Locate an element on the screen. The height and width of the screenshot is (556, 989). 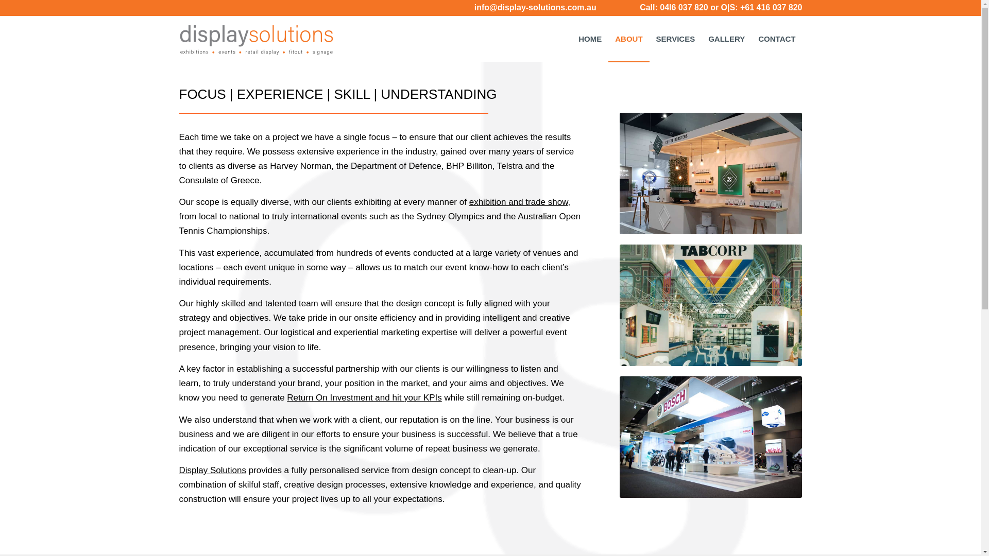
'HOME' is located at coordinates (571, 39).